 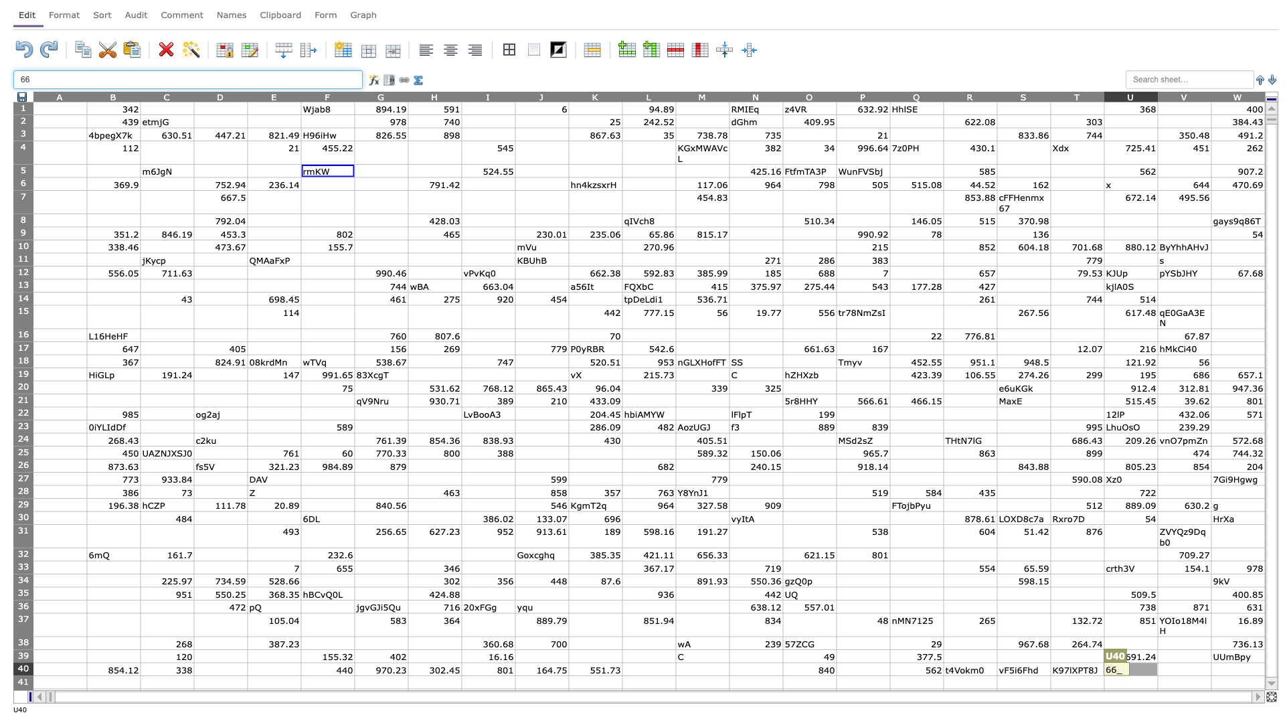 I want to click on left edge of W40, so click(x=1211, y=669).